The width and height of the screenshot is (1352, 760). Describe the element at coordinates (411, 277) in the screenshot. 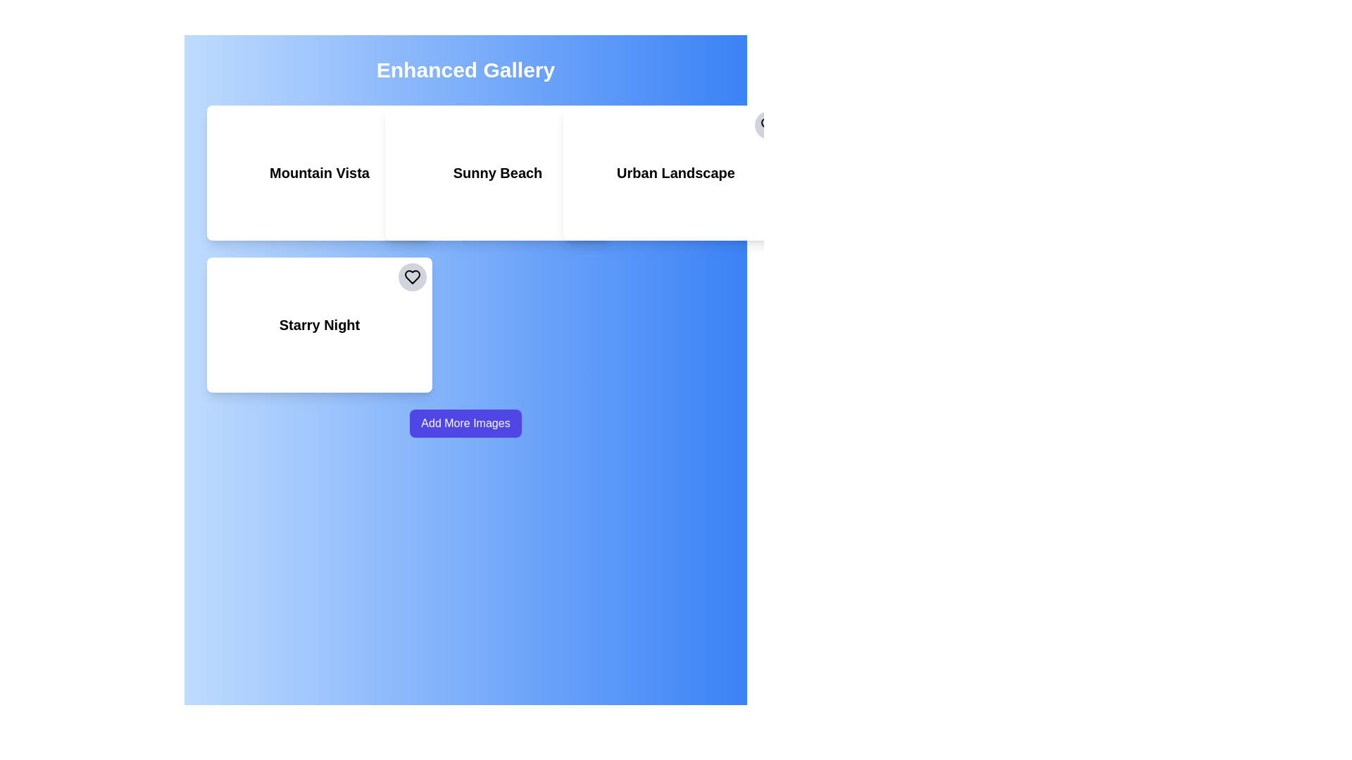

I see `the circular button with a gray background and a heart icon, located in the top-right corner of the 'Starry Night' card` at that location.